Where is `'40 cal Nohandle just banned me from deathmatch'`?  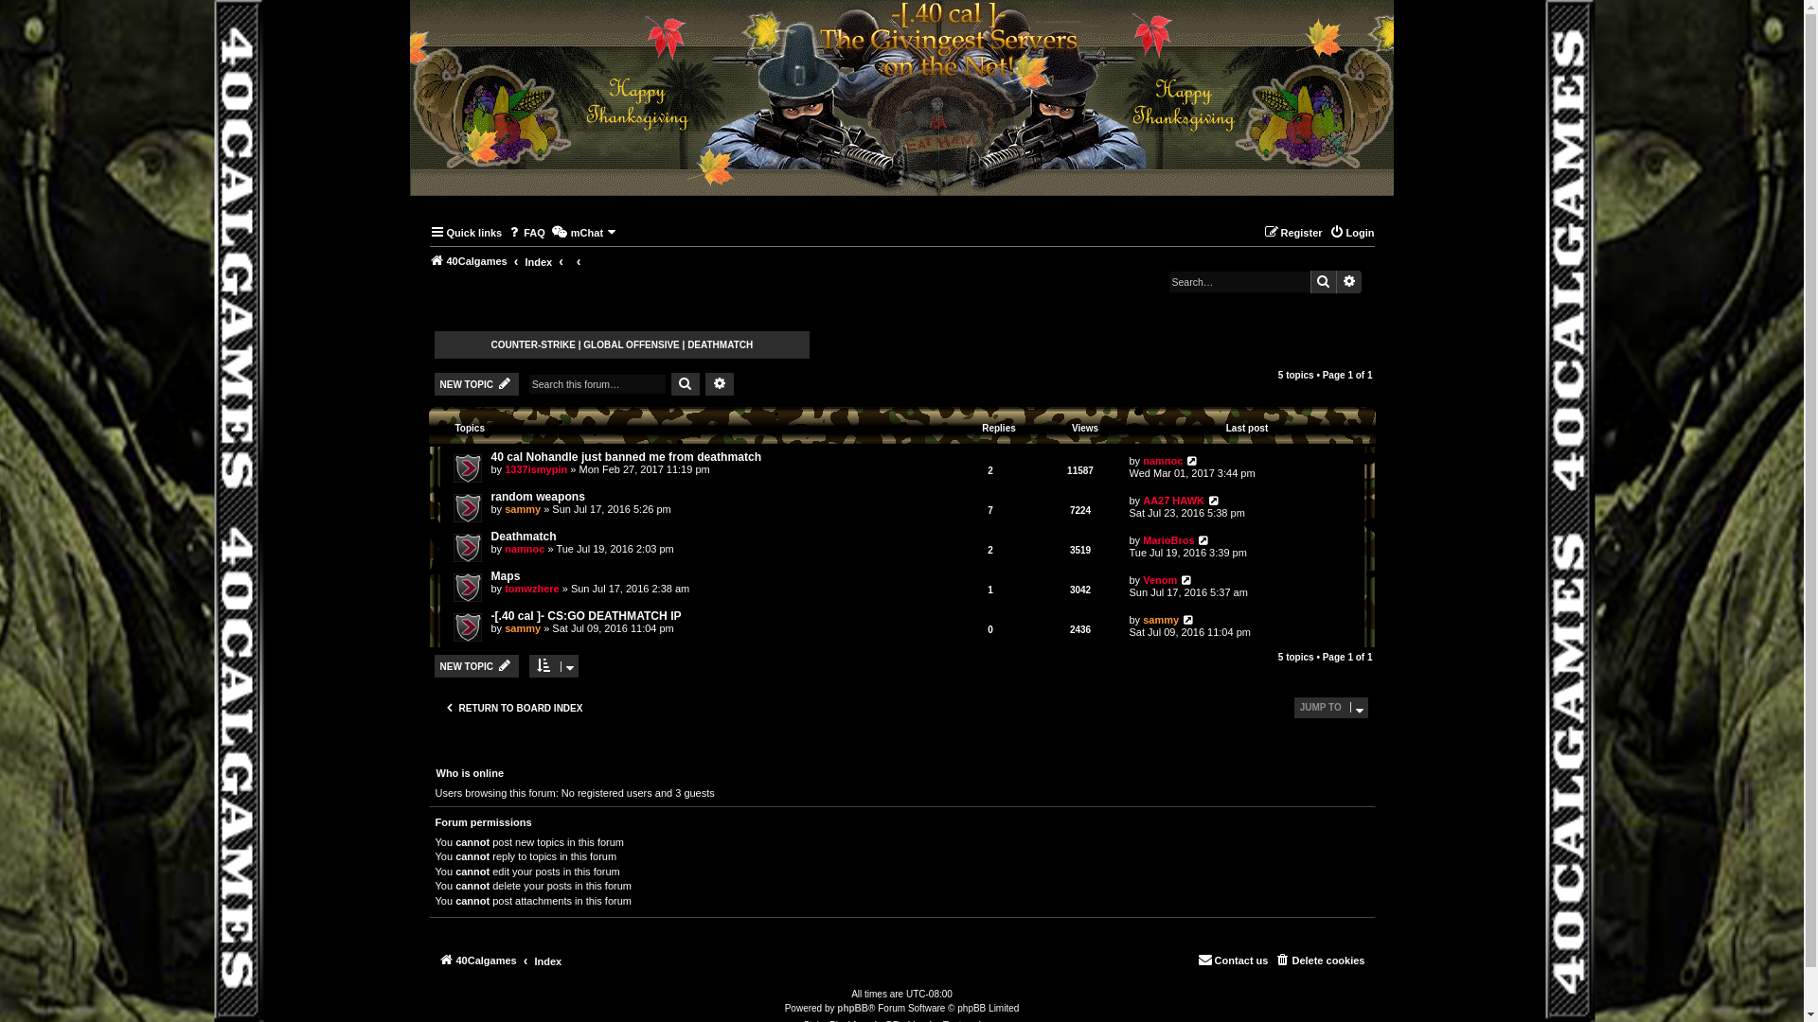
'40 cal Nohandle just banned me from deathmatch' is located at coordinates (626, 456).